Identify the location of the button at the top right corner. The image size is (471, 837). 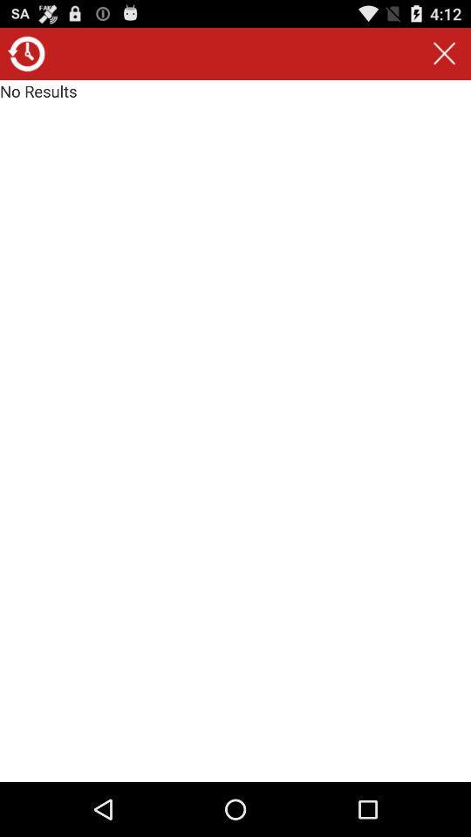
(444, 53).